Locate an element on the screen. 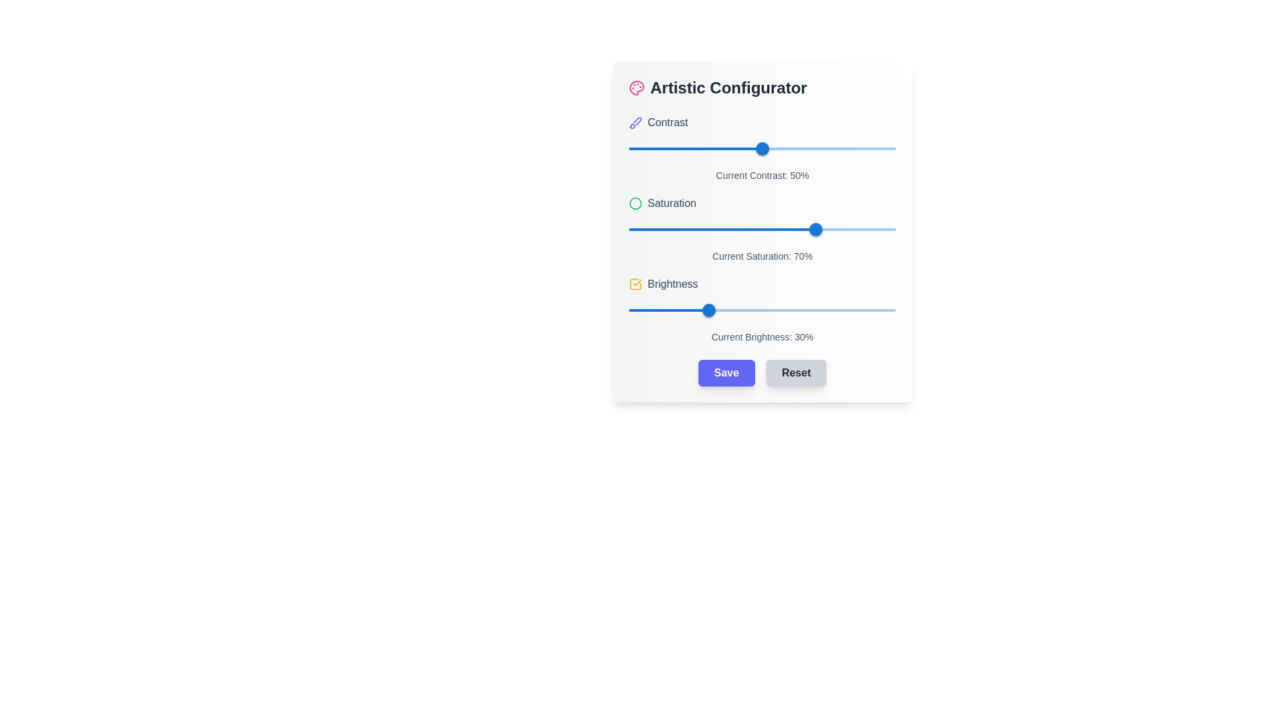 Image resolution: width=1282 pixels, height=721 pixels. static text label displaying 'Current Saturation: 70%' which is located directly beneath the saturation slider and is horizontally centered within the configuration interface is located at coordinates (763, 256).